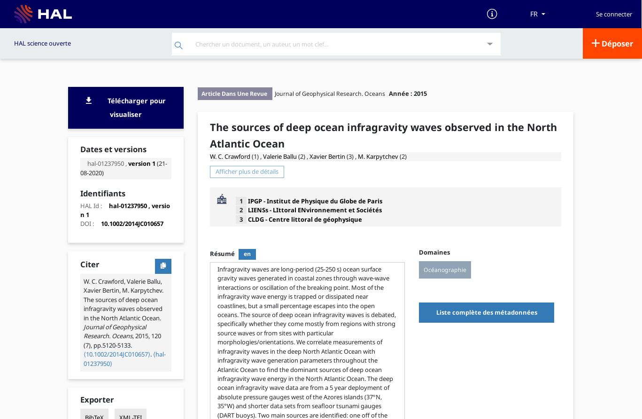  What do you see at coordinates (131, 223) in the screenshot?
I see `'10.1002/2014JC010657'` at bounding box center [131, 223].